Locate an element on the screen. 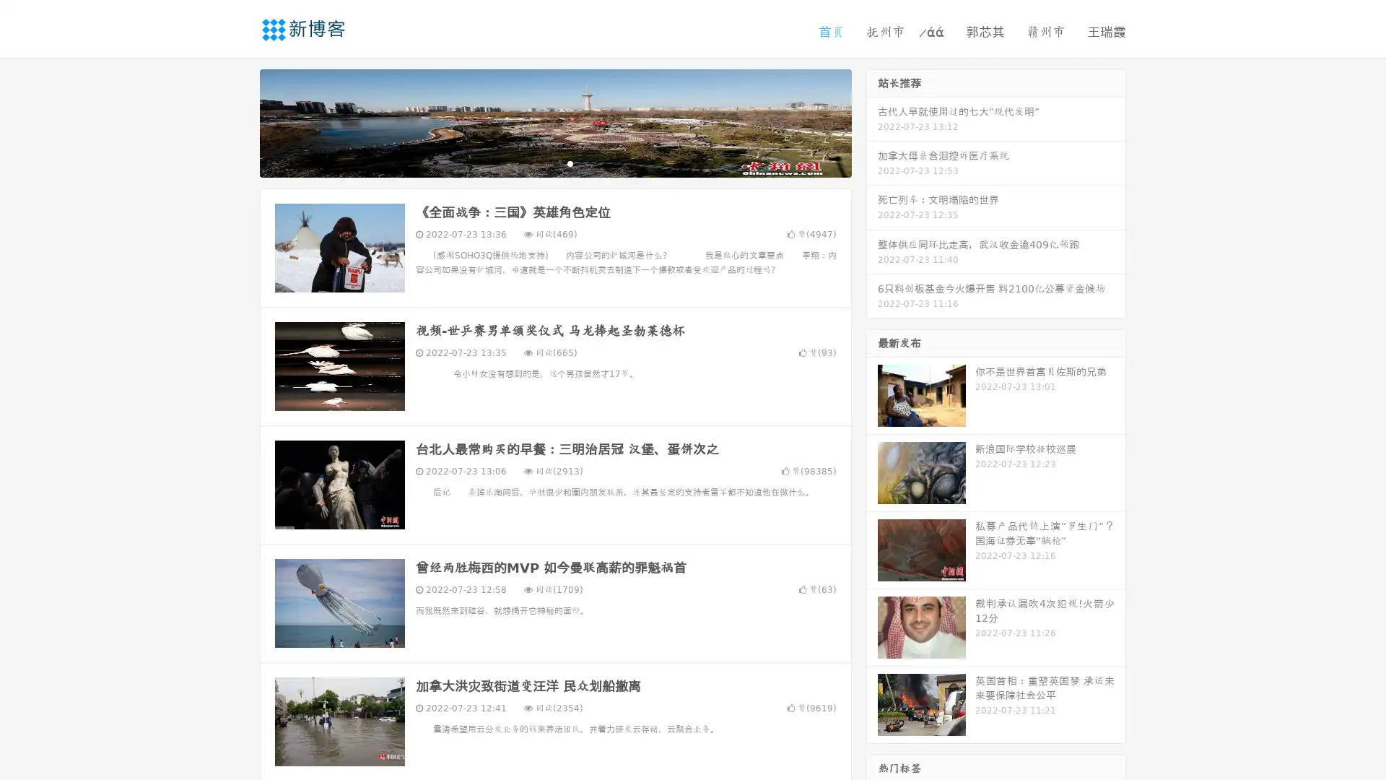  Next slide is located at coordinates (872, 121).